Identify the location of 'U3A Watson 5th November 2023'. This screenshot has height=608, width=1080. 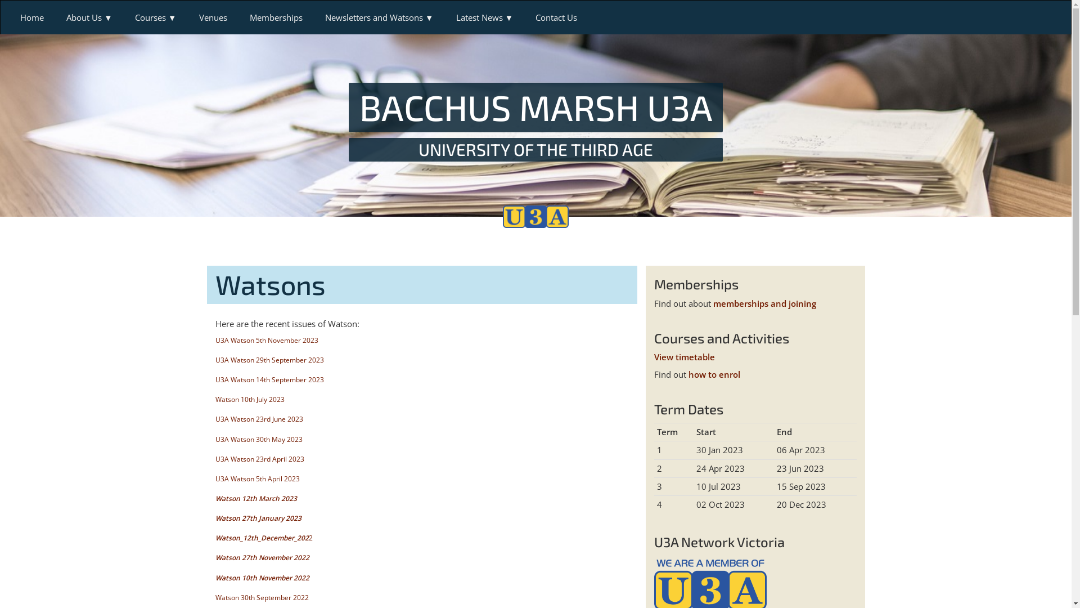
(215, 339).